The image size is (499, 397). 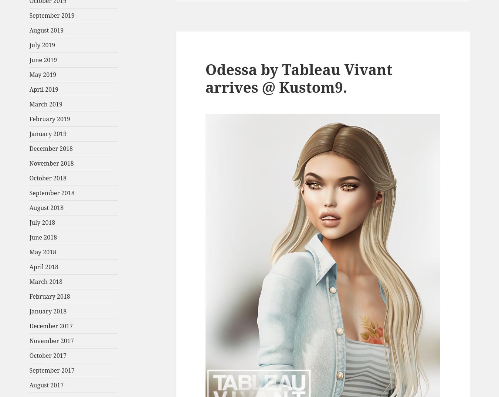 I want to click on 'February 2018', so click(x=50, y=296).